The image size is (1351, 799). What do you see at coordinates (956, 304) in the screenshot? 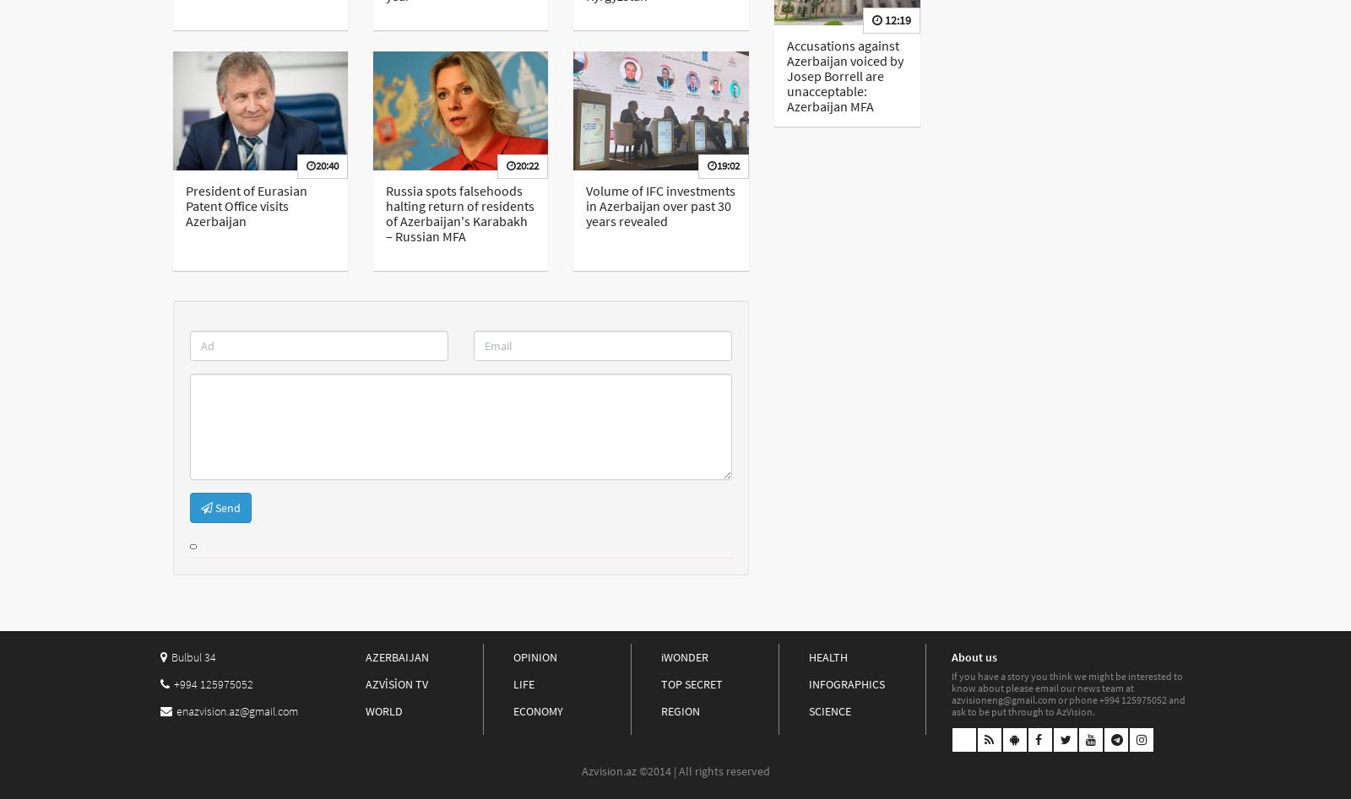
I see `'10:38'` at bounding box center [956, 304].